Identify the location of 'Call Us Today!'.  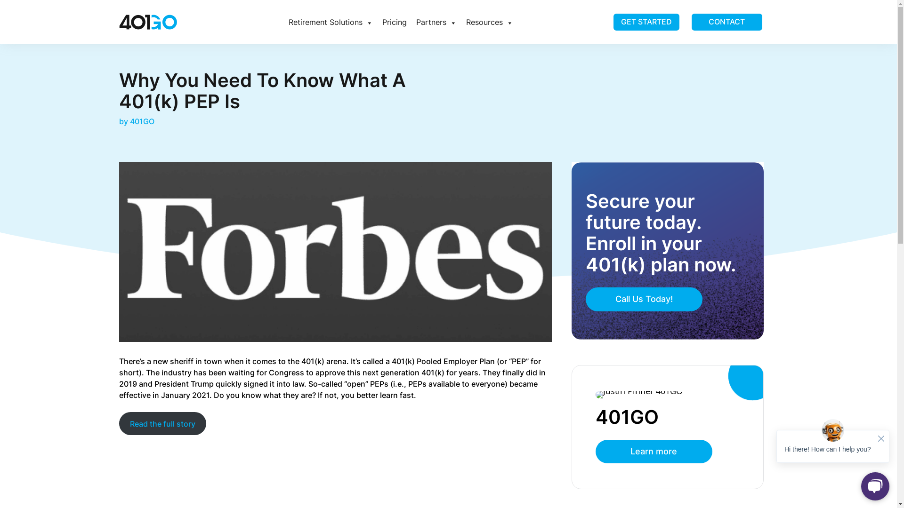
(644, 299).